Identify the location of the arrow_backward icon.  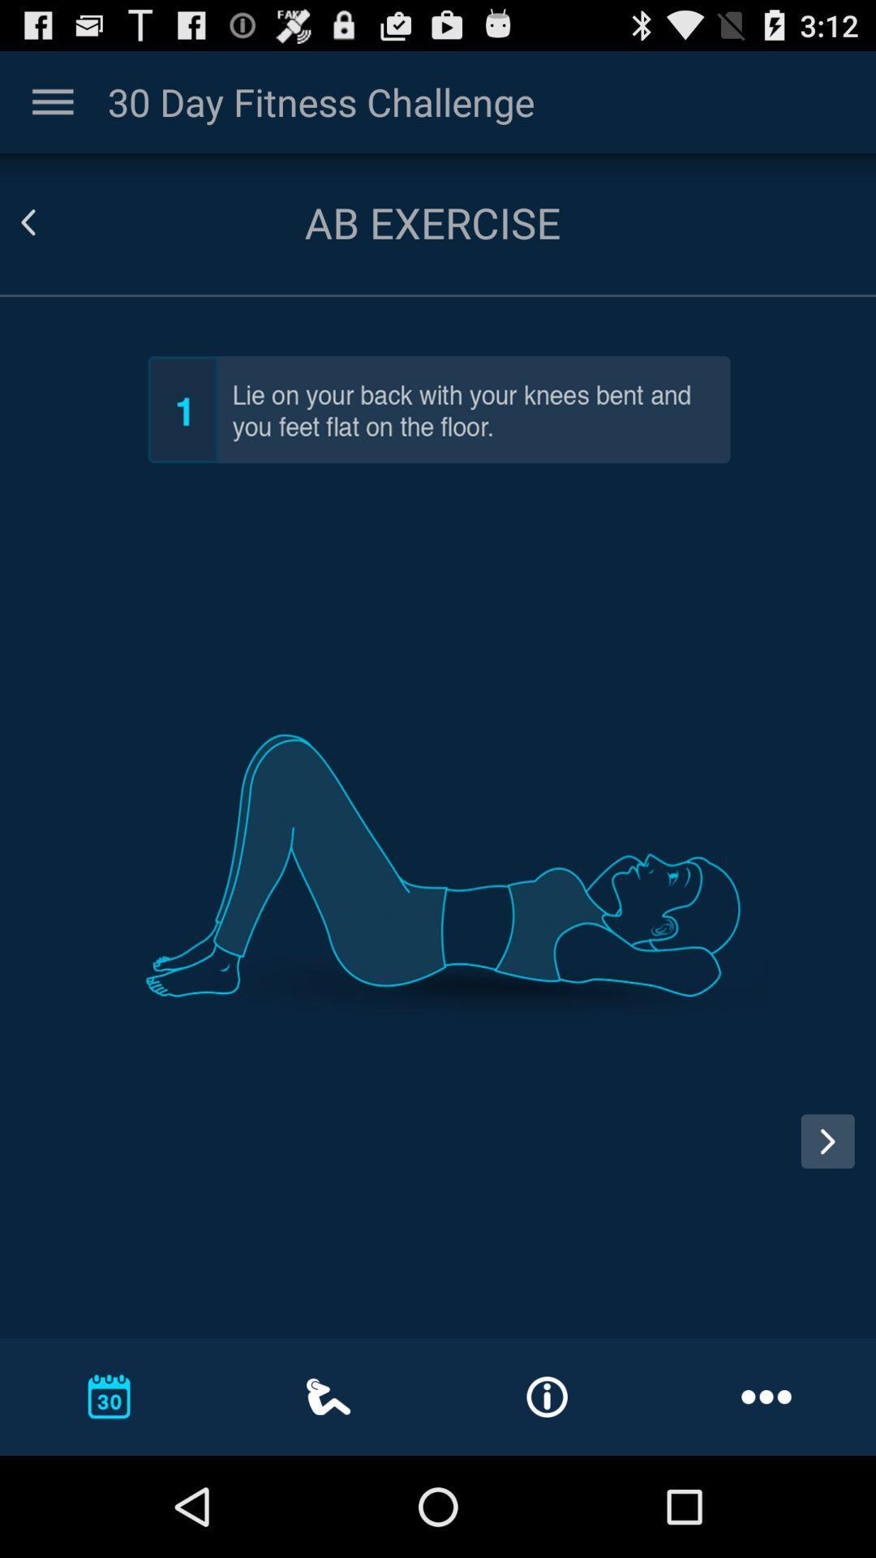
(47, 237).